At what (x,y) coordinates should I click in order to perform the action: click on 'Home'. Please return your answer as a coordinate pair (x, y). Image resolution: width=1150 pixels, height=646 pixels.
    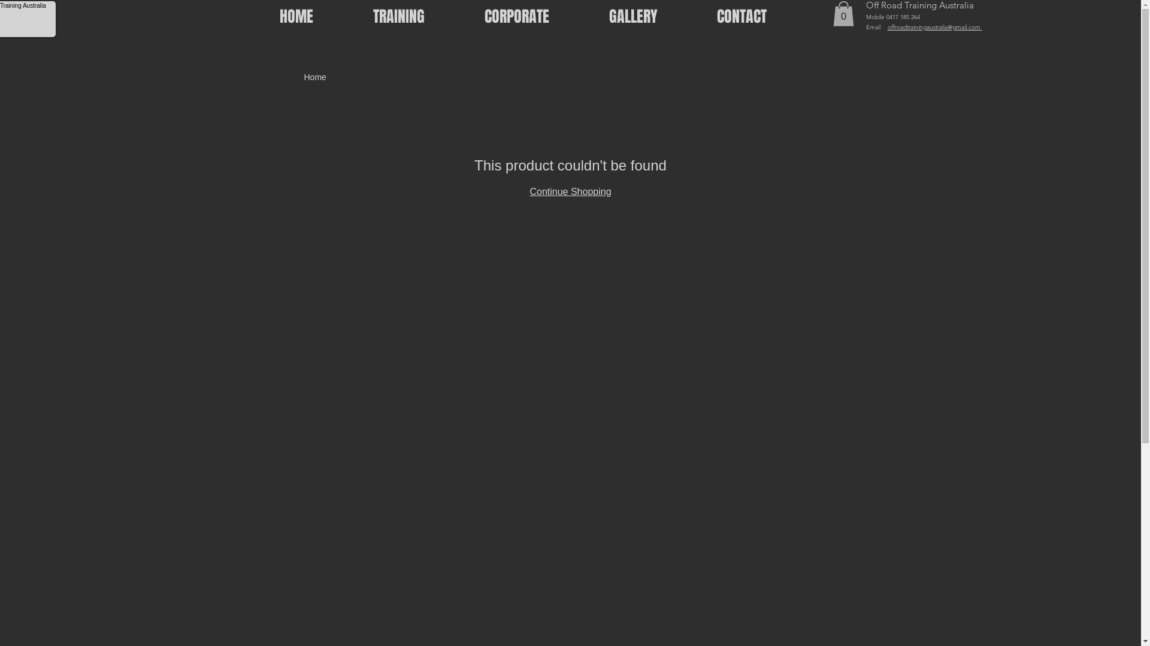
    Looking at the image, I should click on (315, 77).